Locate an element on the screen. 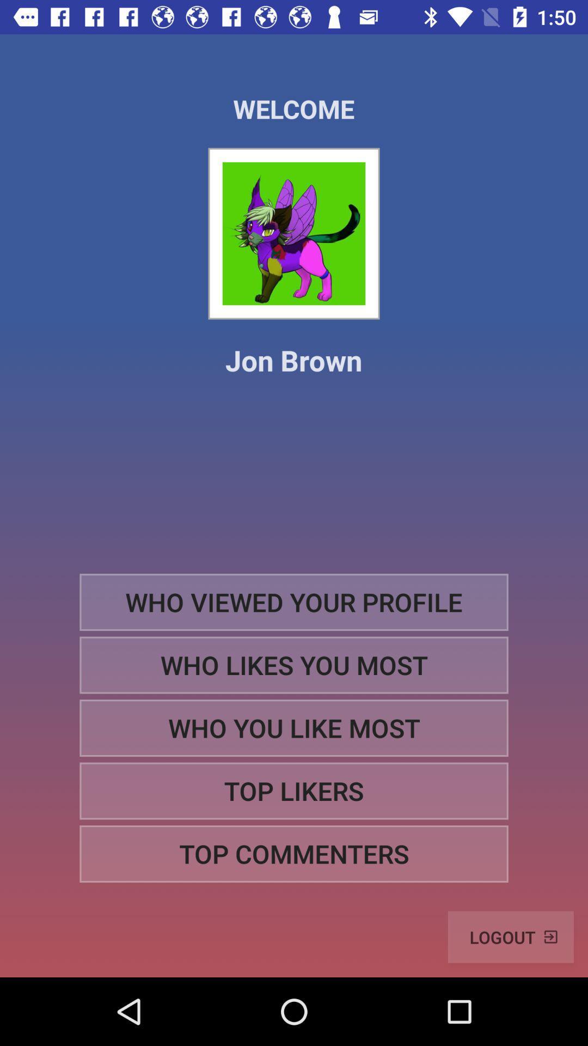 This screenshot has height=1046, width=588. the item above the who likes you is located at coordinates (294, 601).